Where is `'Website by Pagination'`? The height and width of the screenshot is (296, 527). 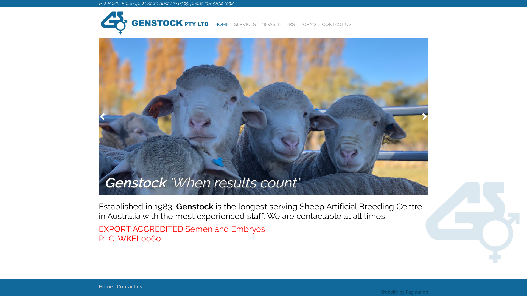
'Website by Pagination' is located at coordinates (380, 292).